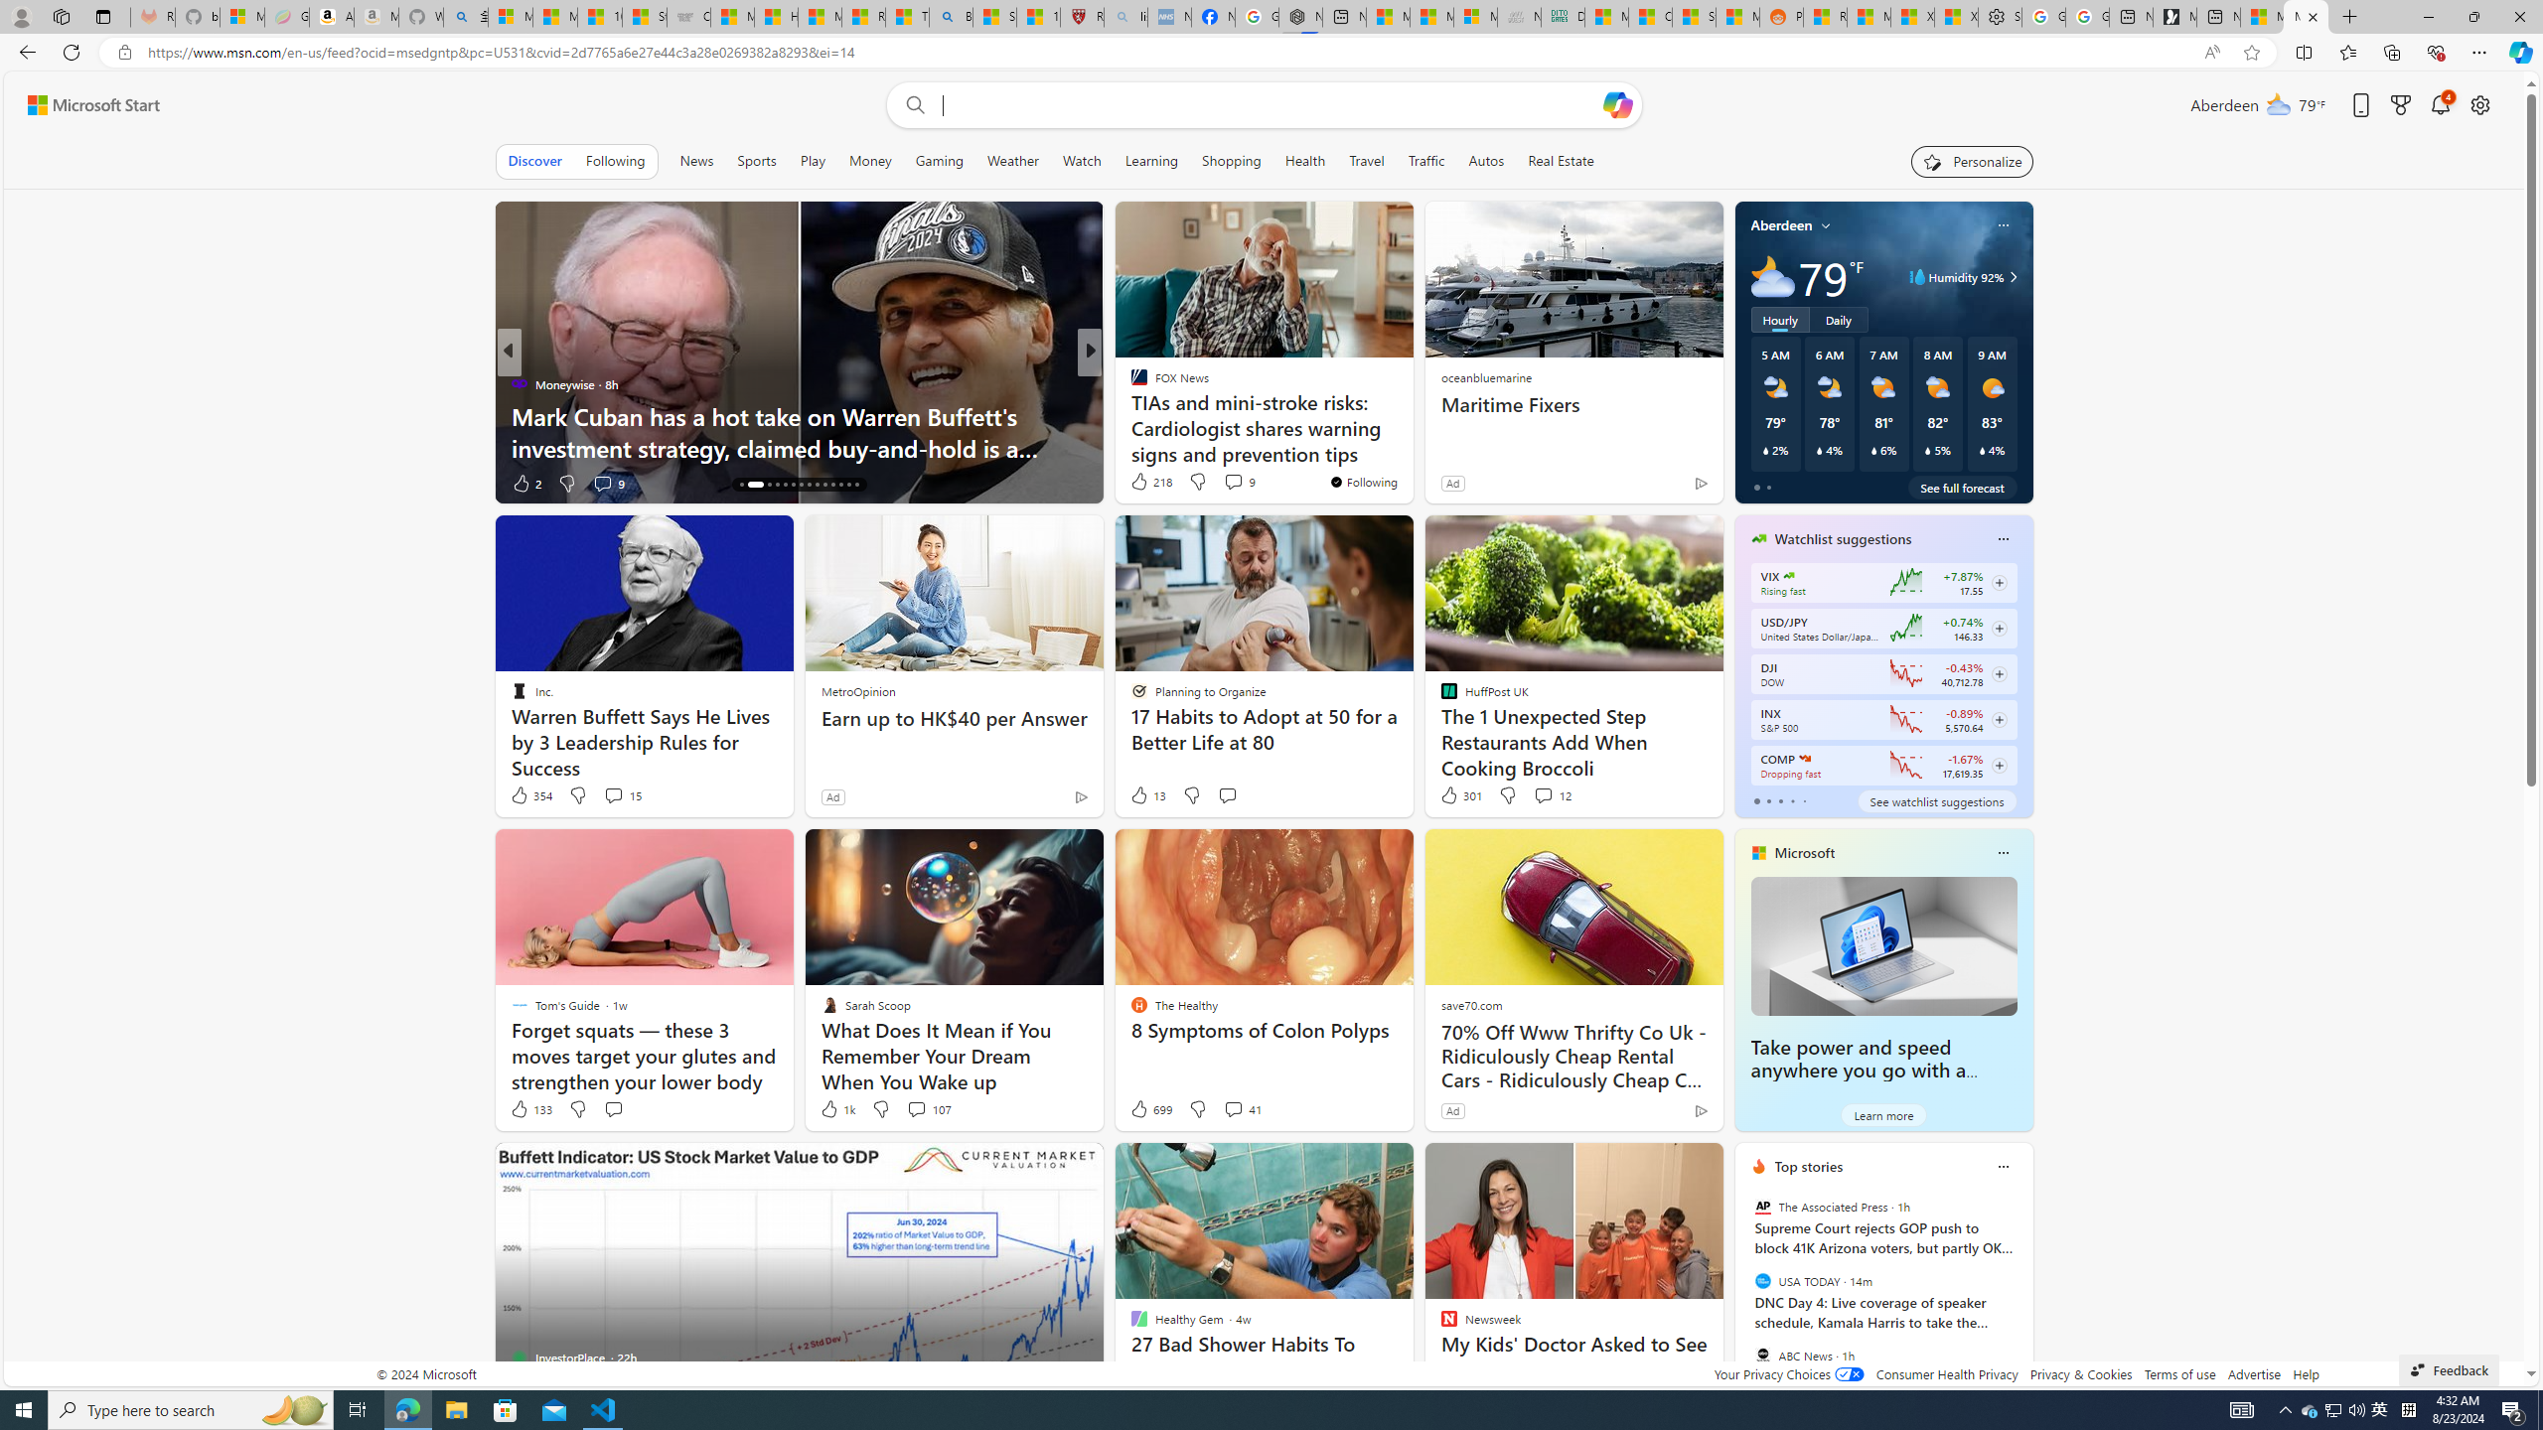 This screenshot has width=2543, height=1430. What do you see at coordinates (1129, 383) in the screenshot?
I see `'Medical Xpress'` at bounding box center [1129, 383].